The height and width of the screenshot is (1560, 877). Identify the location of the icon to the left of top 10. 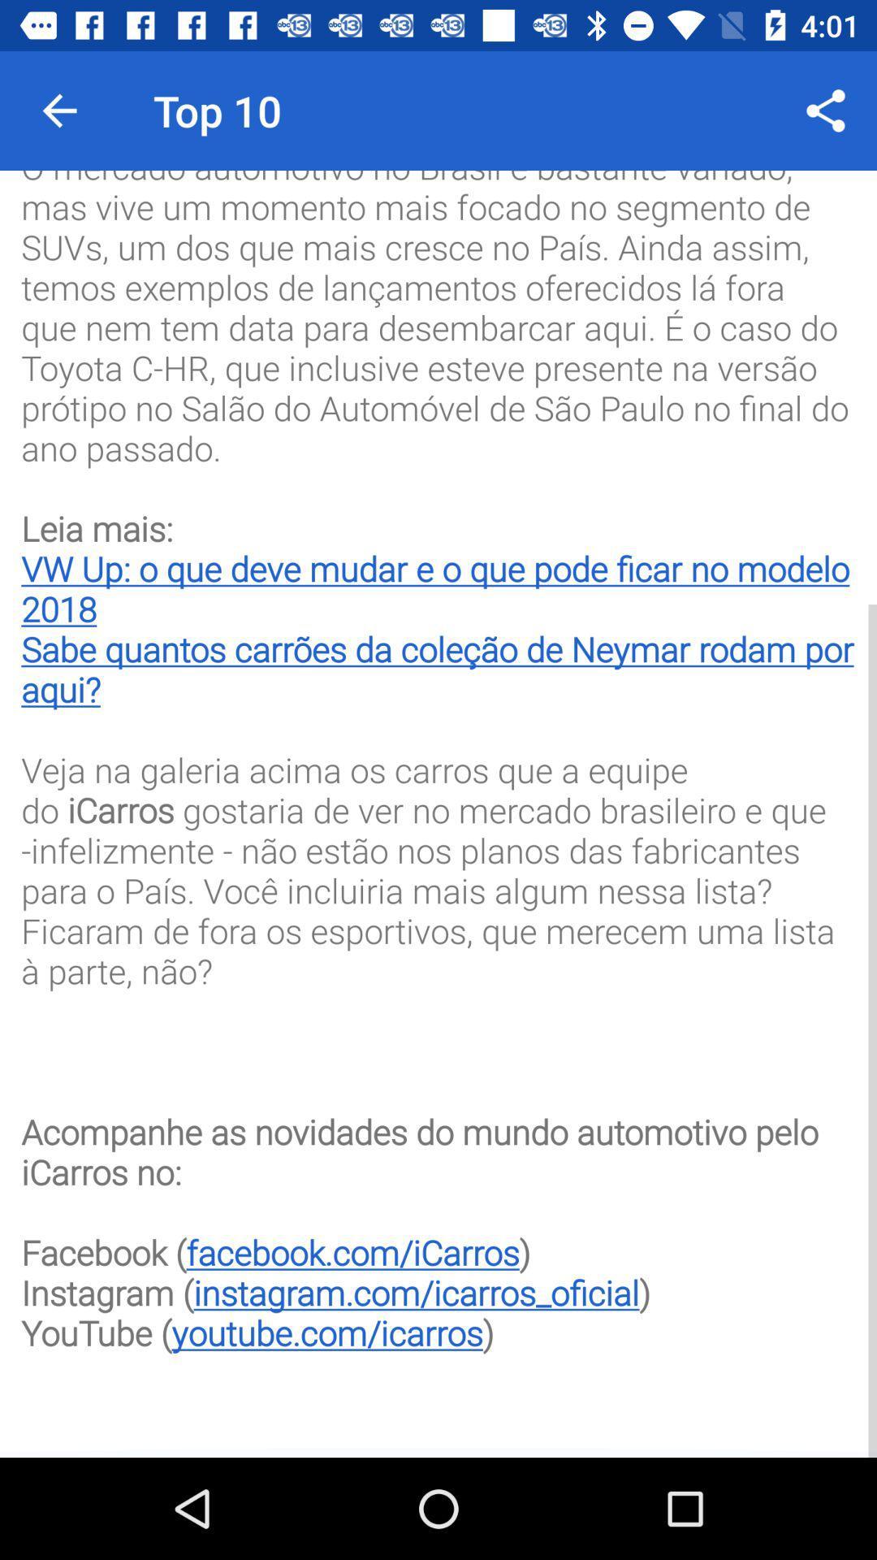
(58, 110).